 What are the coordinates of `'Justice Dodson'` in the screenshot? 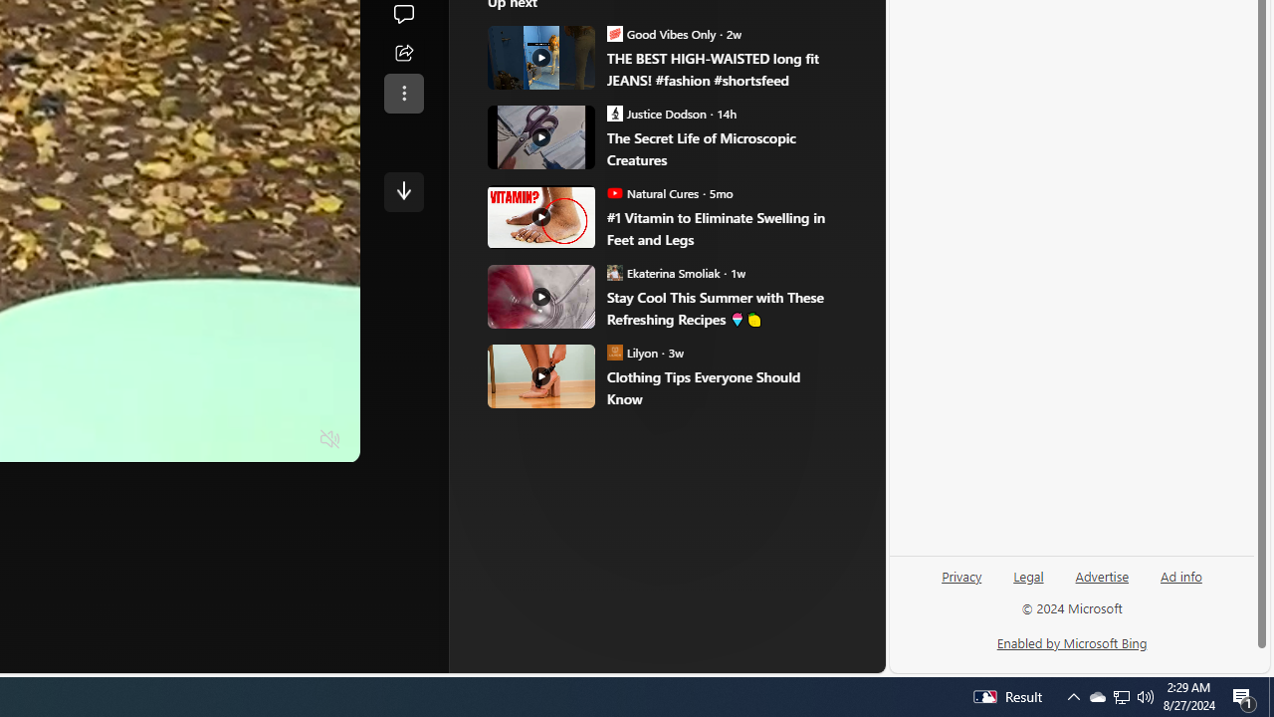 It's located at (614, 113).